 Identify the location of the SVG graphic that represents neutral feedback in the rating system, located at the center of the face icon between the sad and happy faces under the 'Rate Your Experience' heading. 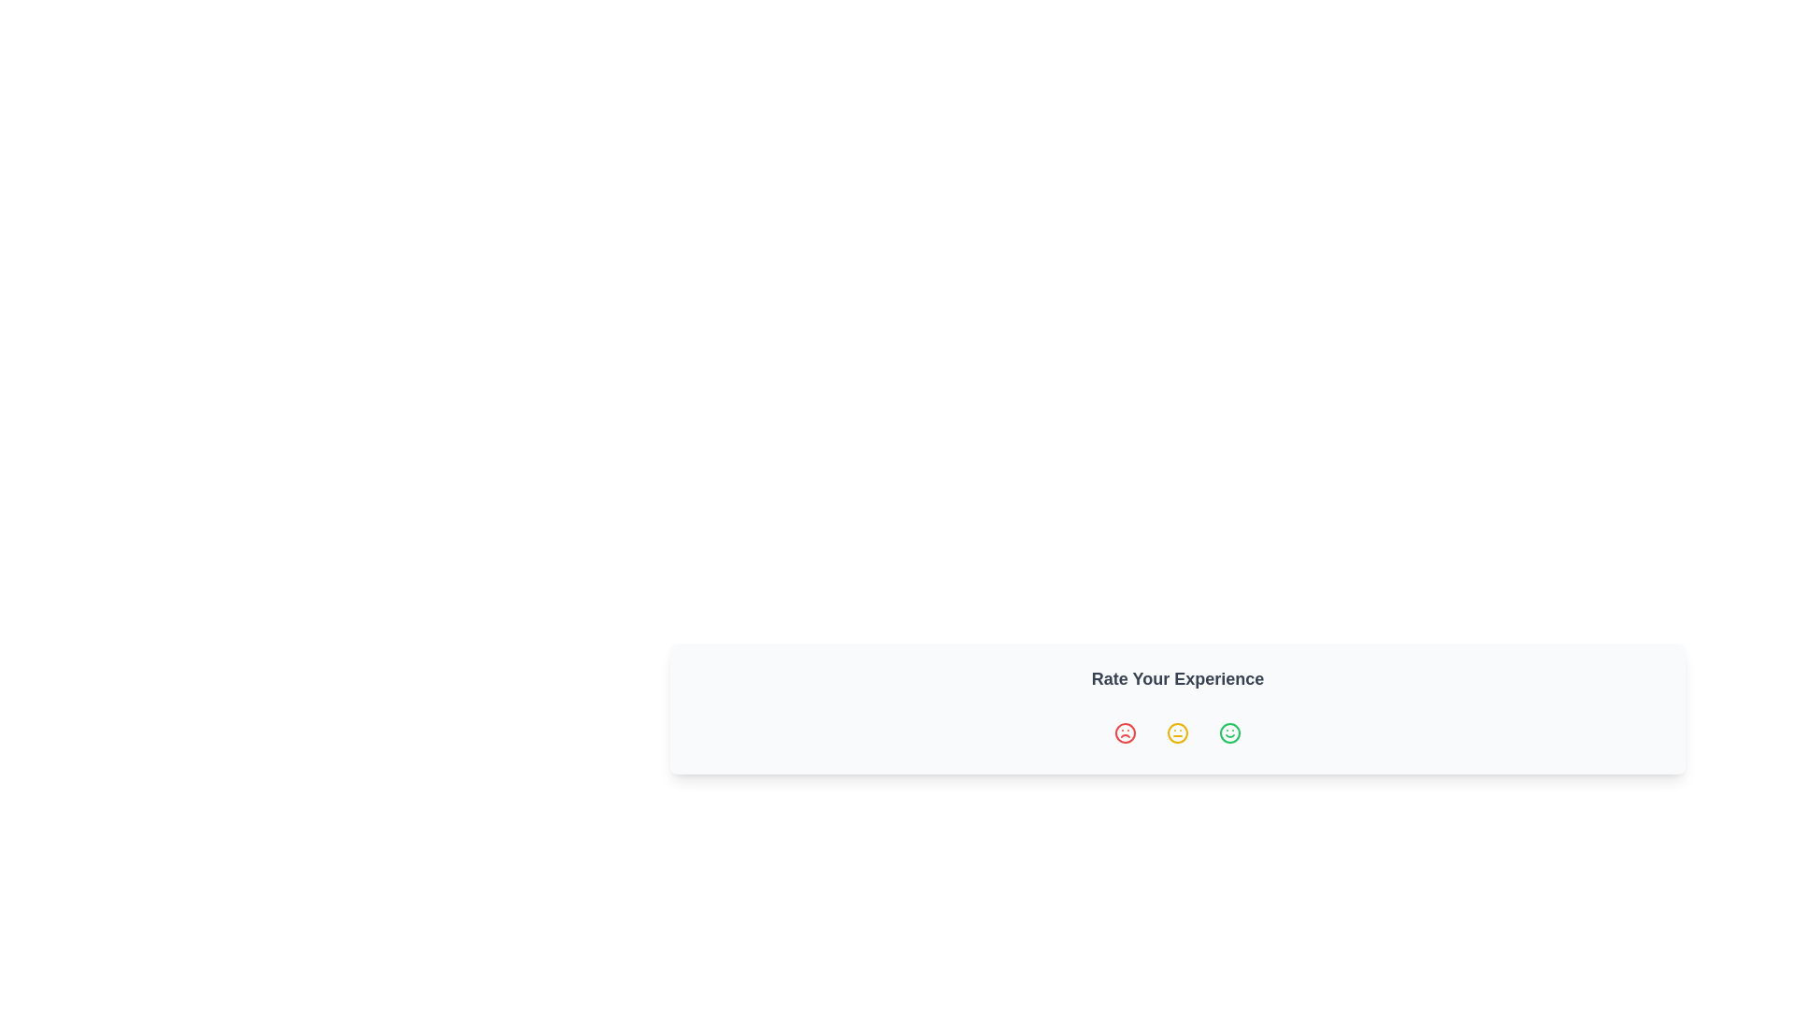
(1176, 732).